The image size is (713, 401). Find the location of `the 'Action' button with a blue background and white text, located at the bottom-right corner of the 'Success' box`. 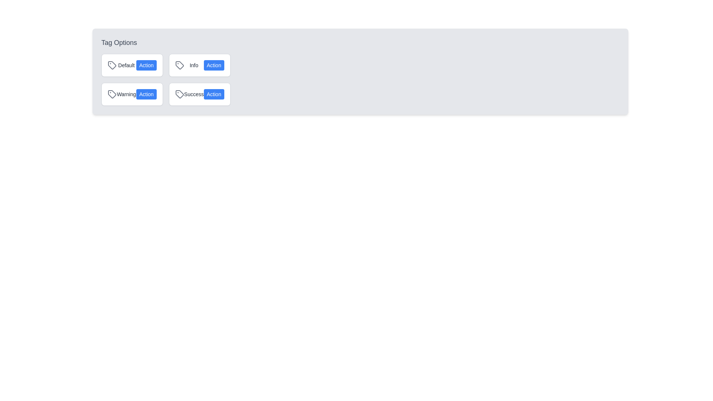

the 'Action' button with a blue background and white text, located at the bottom-right corner of the 'Success' box is located at coordinates (214, 94).